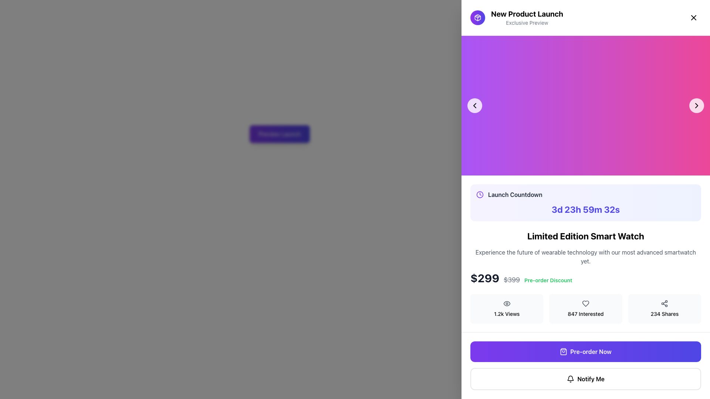 The image size is (710, 399). Describe the element at coordinates (693, 17) in the screenshot. I see `the Close button icon (small 'X' within a square button) located in the top-right corner of the modal interface` at that location.